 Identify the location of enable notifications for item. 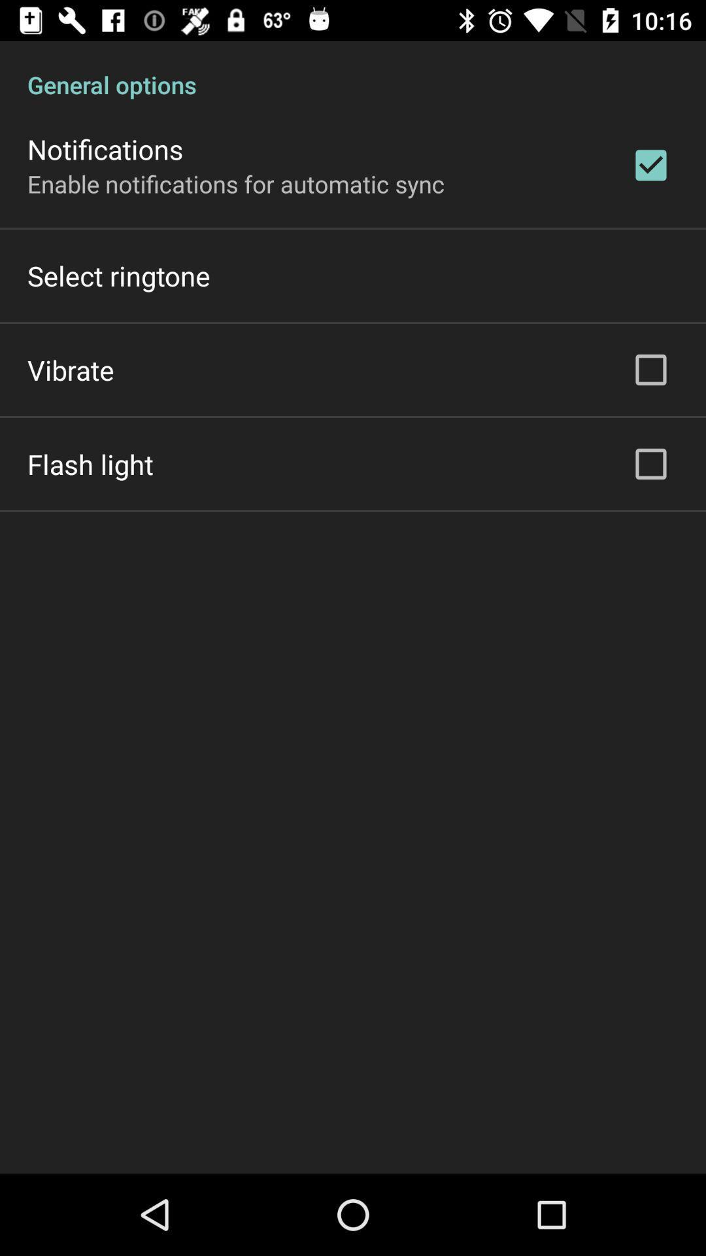
(236, 183).